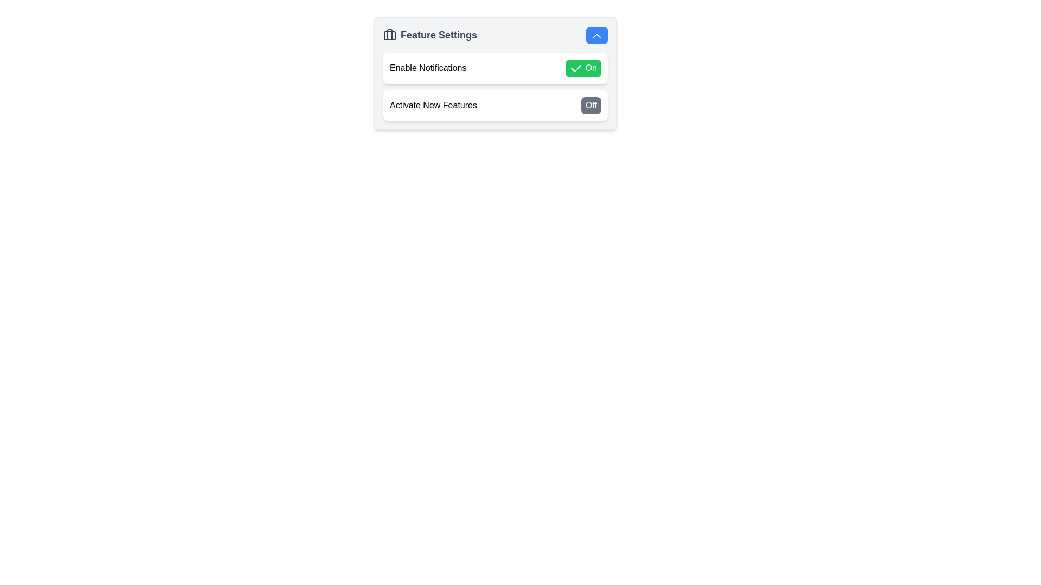 The width and height of the screenshot is (1041, 585). Describe the element at coordinates (494, 86) in the screenshot. I see `the interactive toggle buttons in the 'Feature Settings' section` at that location.